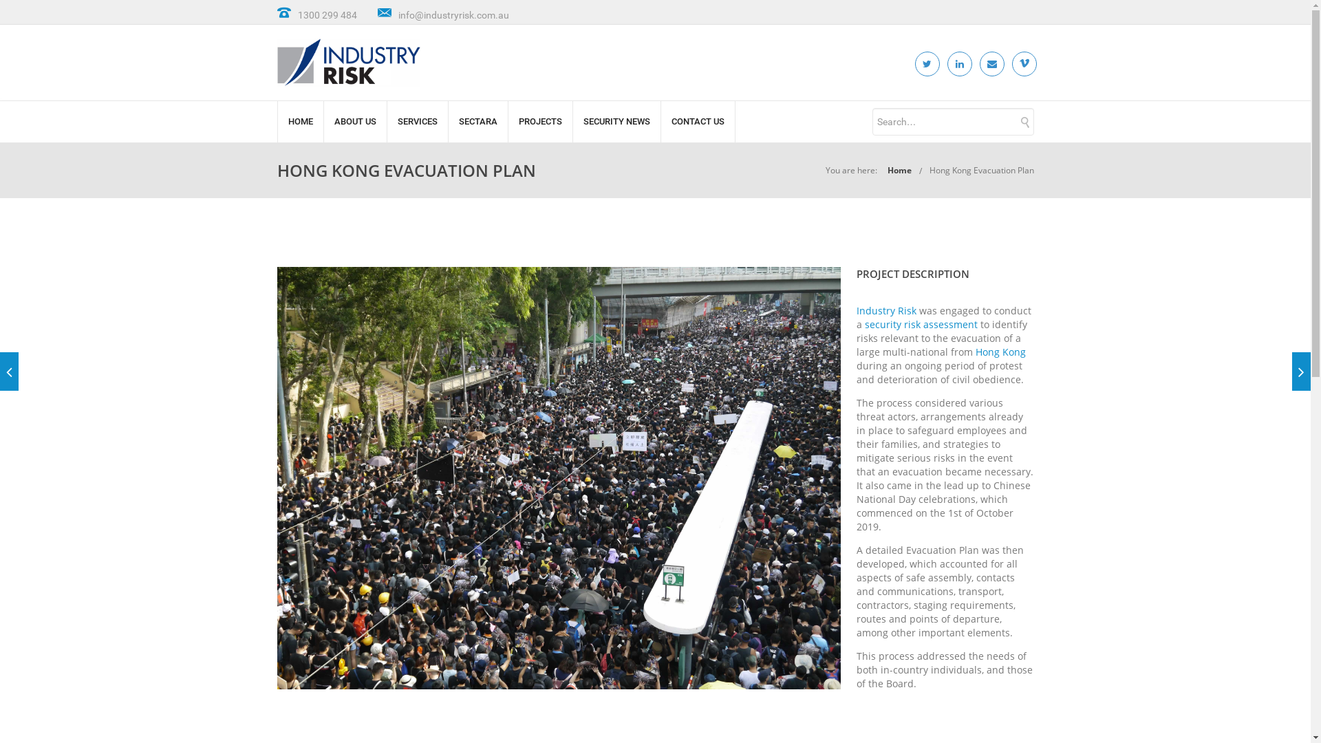 This screenshot has height=743, width=1321. What do you see at coordinates (299, 121) in the screenshot?
I see `'HOME'` at bounding box center [299, 121].